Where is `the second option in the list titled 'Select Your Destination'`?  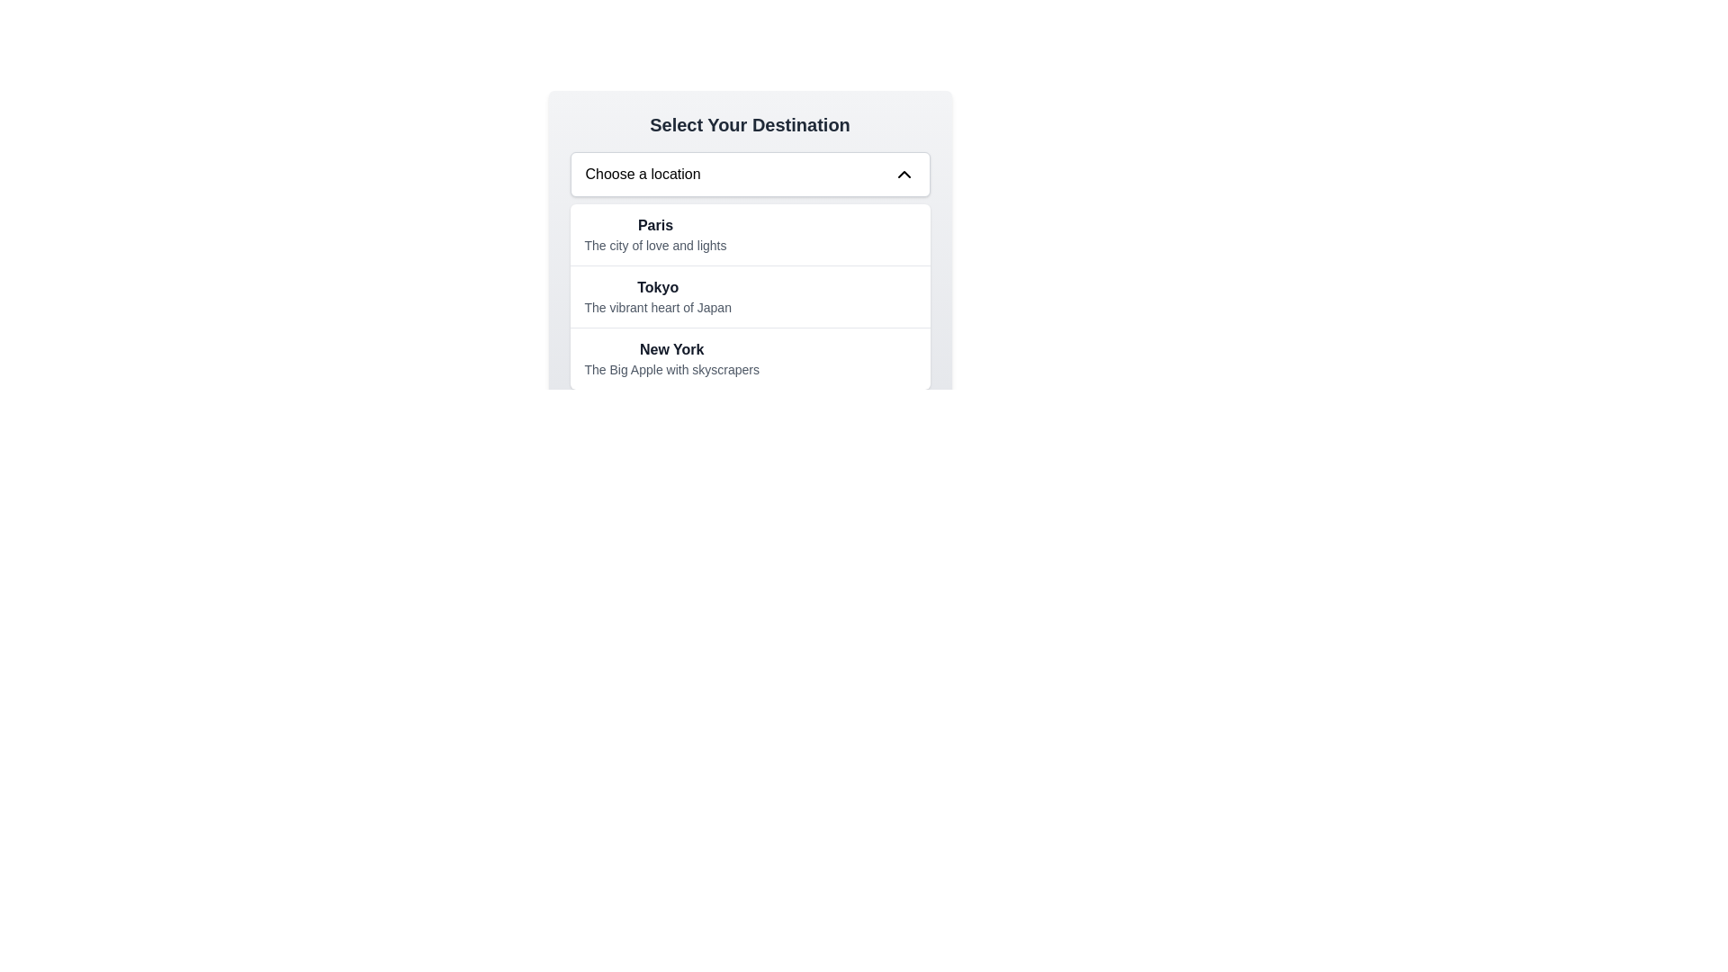
the second option in the list titled 'Select Your Destination' is located at coordinates (750, 295).